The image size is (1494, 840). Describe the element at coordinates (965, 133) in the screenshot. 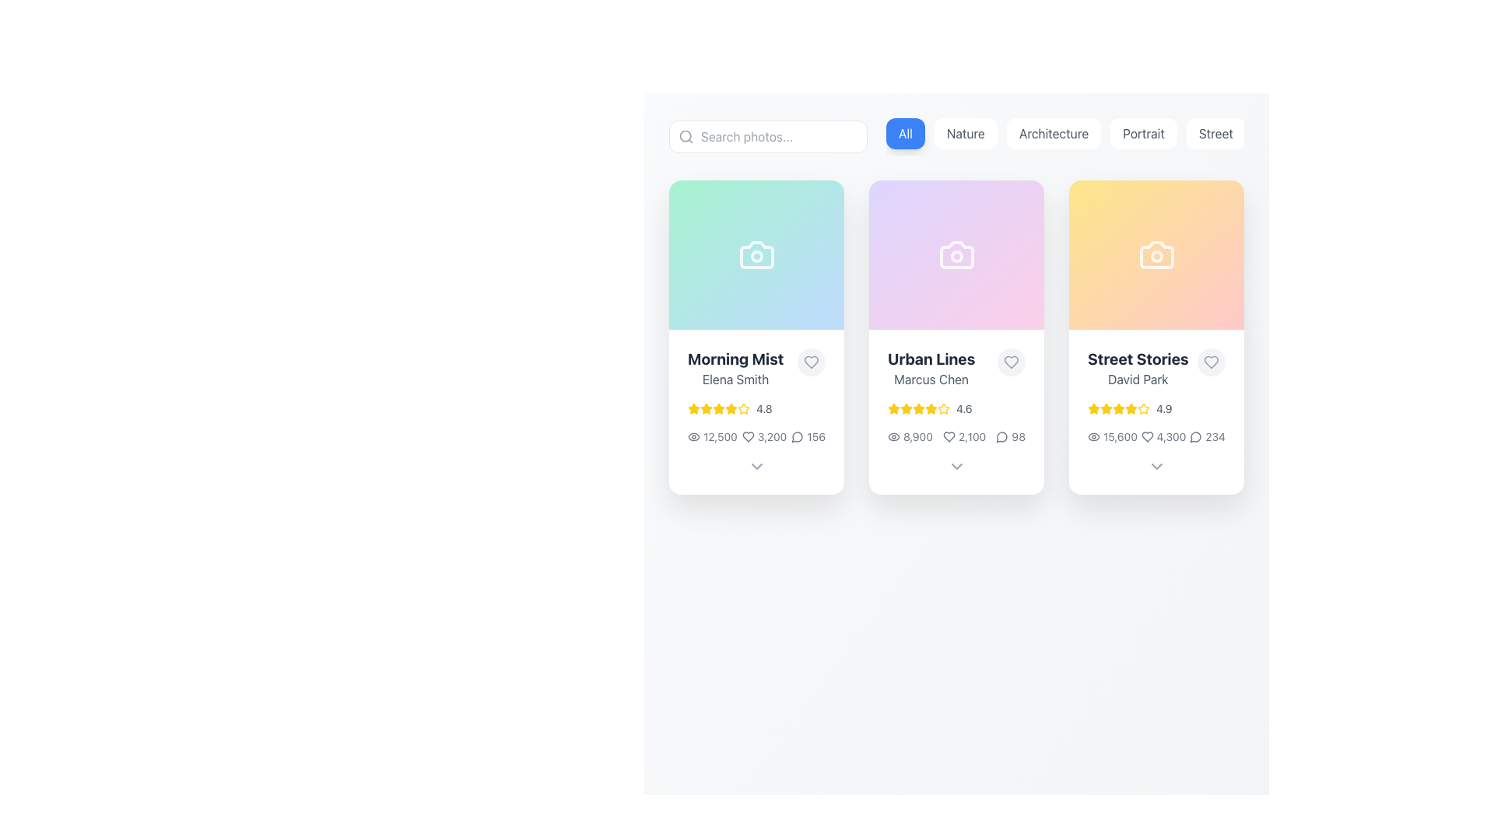

I see `the 'Nature' pill-shaped button in the navigation bar` at that location.